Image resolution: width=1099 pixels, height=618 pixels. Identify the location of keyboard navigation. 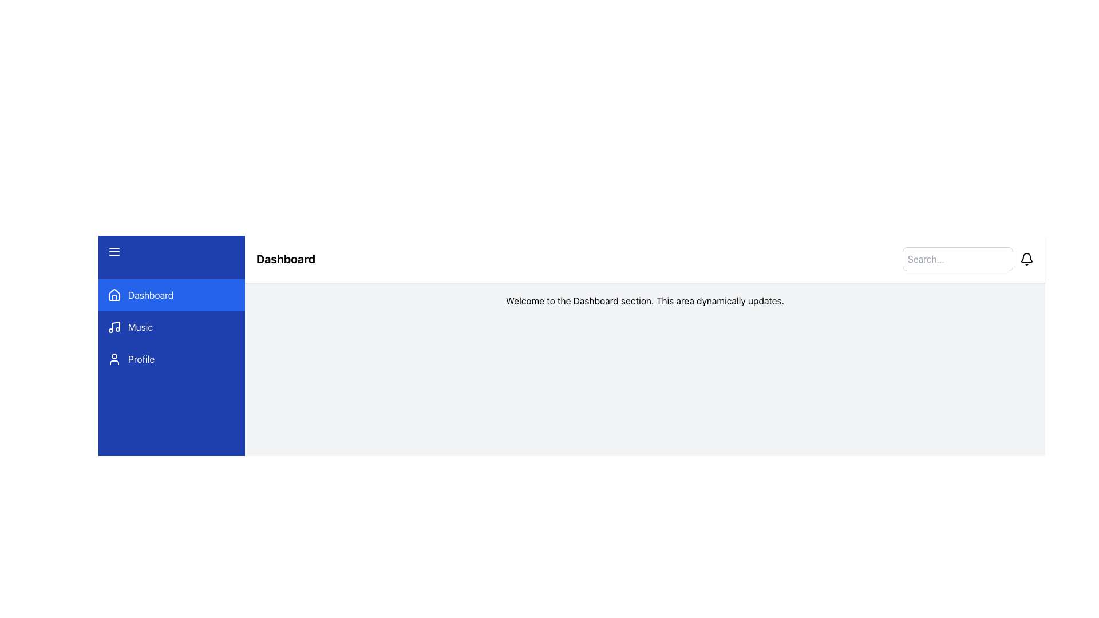
(171, 327).